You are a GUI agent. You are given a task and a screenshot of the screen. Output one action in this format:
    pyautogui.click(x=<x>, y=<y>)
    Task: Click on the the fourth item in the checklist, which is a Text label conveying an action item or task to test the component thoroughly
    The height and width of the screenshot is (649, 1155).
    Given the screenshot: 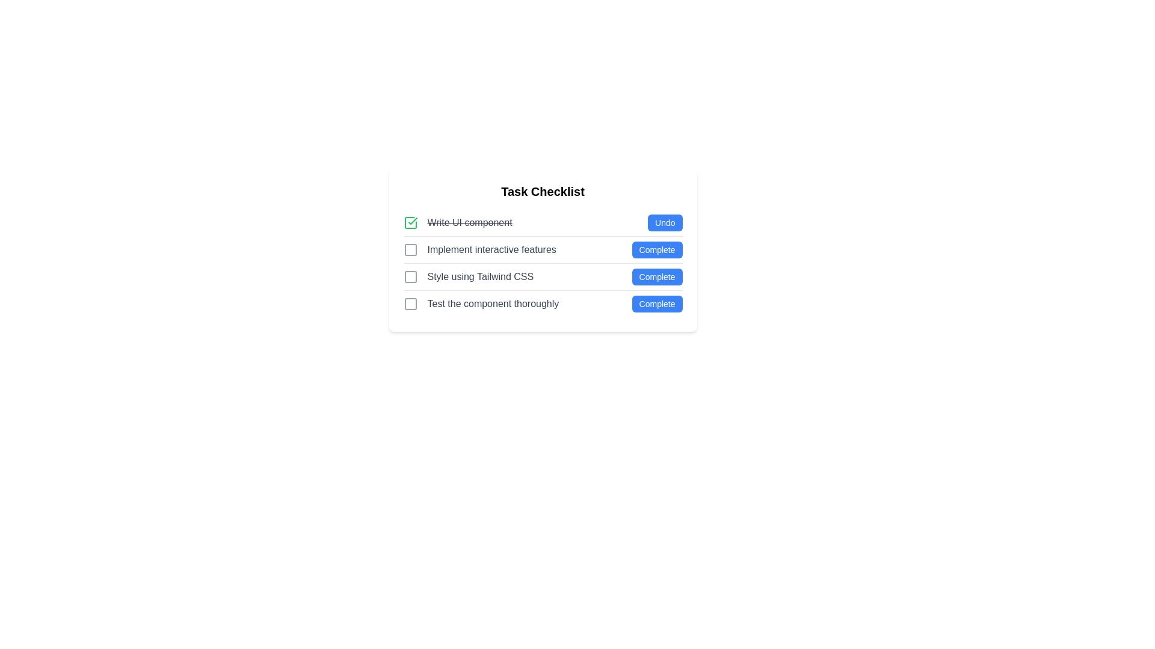 What is the action you would take?
    pyautogui.click(x=493, y=303)
    